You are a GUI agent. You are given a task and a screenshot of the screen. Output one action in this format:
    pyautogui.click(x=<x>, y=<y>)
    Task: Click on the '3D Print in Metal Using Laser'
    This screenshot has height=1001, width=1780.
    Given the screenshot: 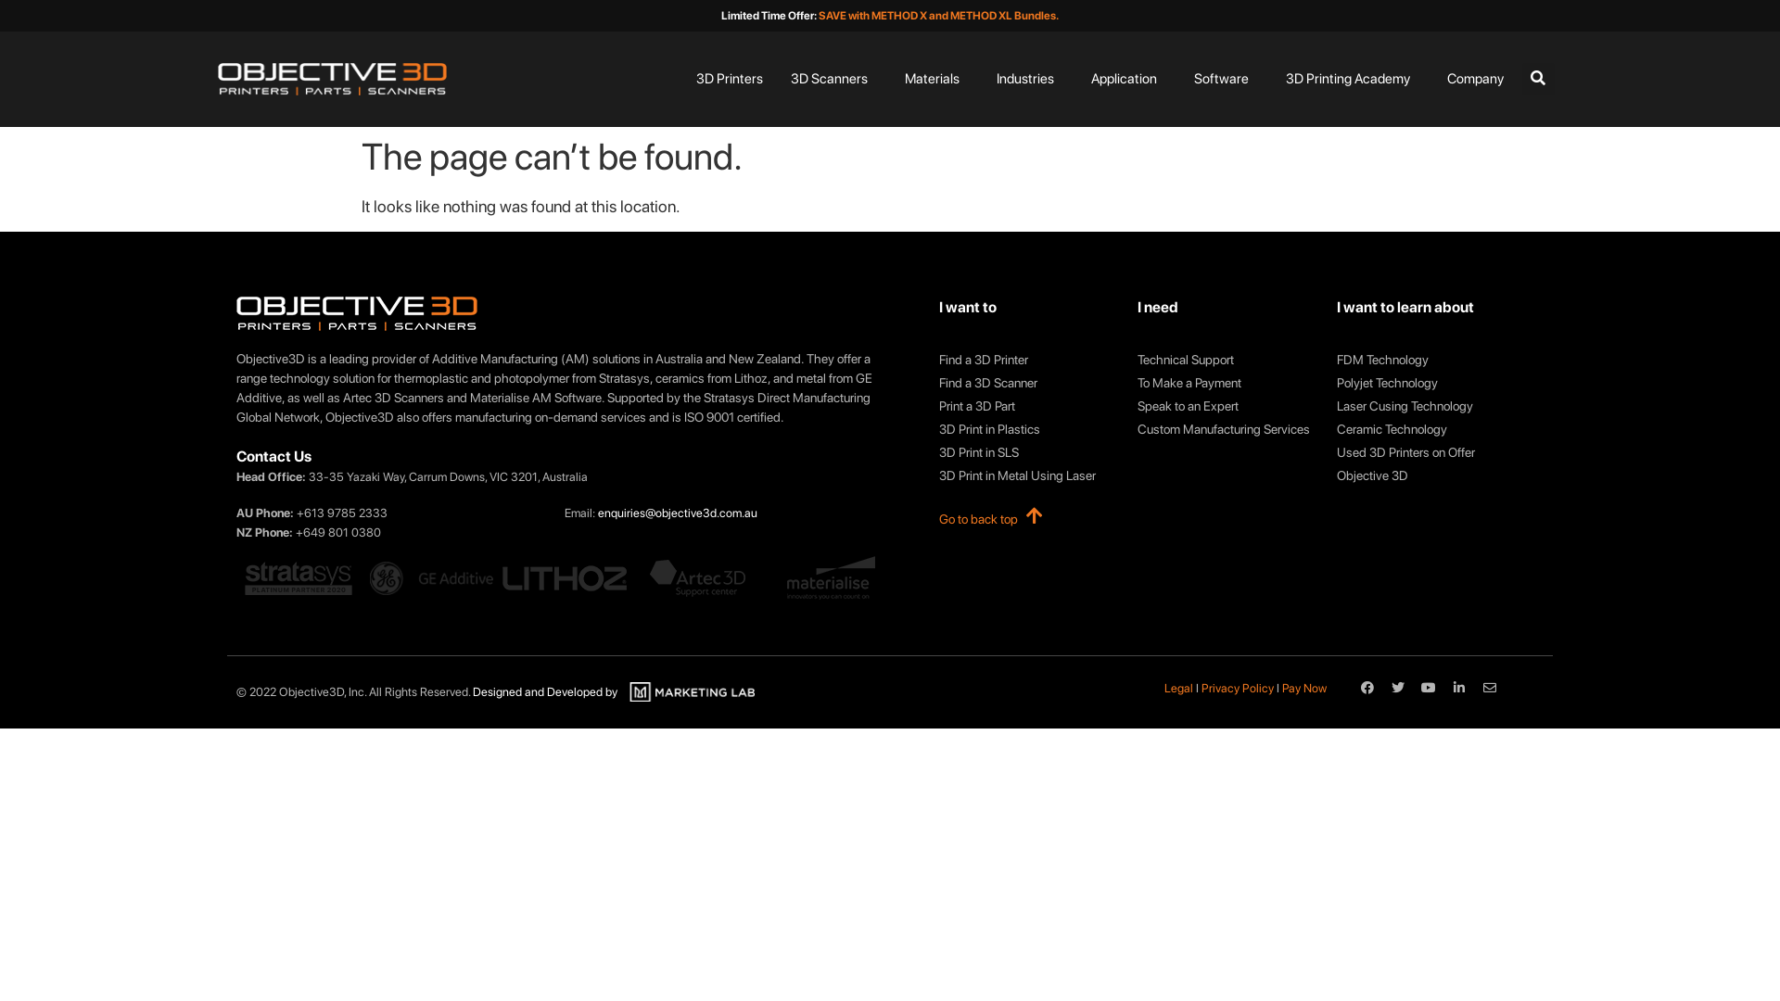 What is the action you would take?
    pyautogui.click(x=1028, y=475)
    